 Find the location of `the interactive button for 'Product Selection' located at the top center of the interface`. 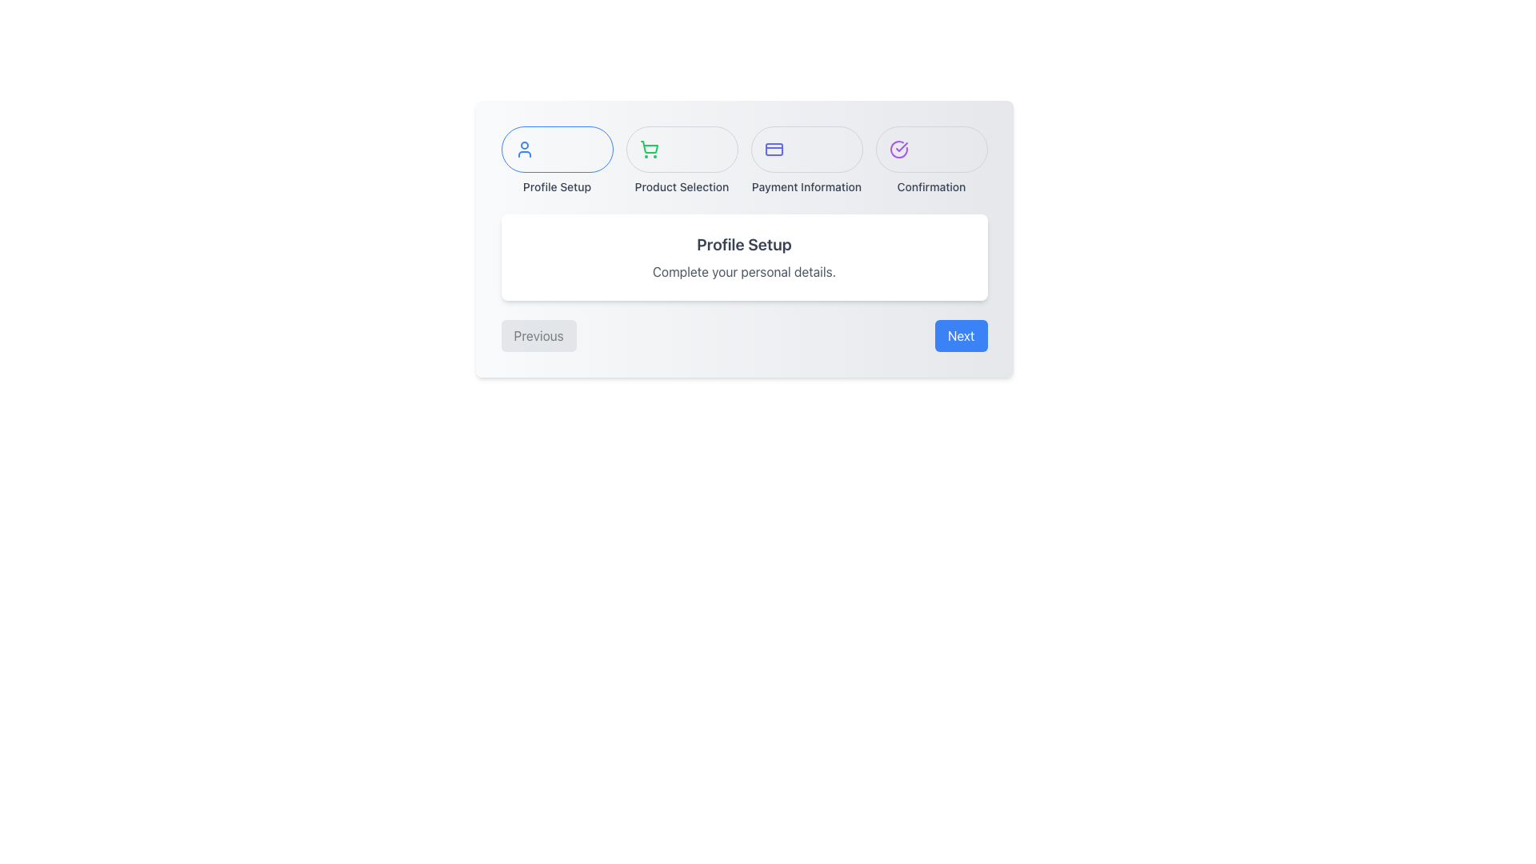

the interactive button for 'Product Selection' located at the top center of the interface is located at coordinates (682, 149).